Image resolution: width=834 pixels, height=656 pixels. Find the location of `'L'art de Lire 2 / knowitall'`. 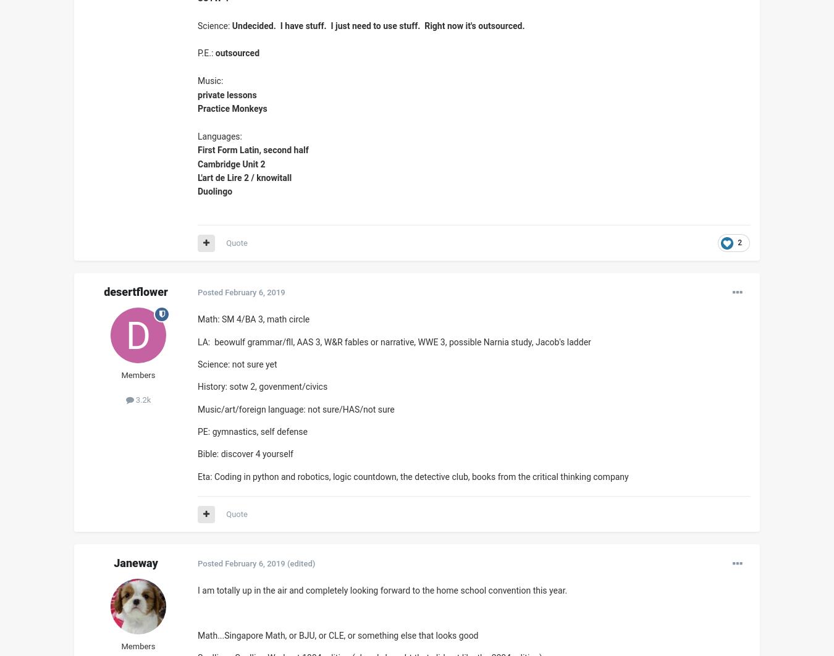

'L'art de Lire 2 / knowitall' is located at coordinates (244, 176).